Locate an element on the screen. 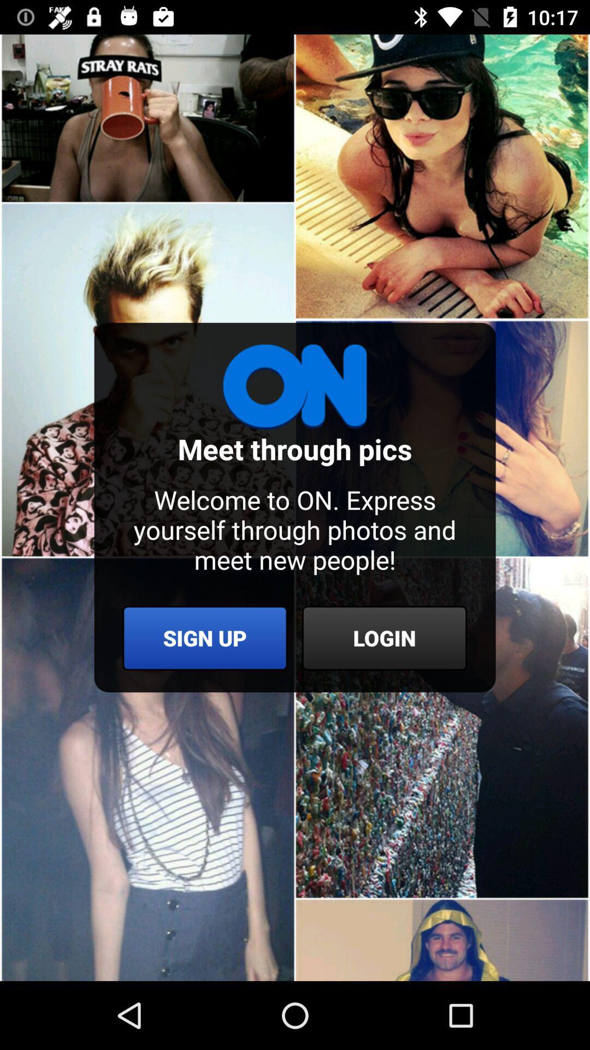 The height and width of the screenshot is (1050, 590). the sign up icon is located at coordinates (205, 638).